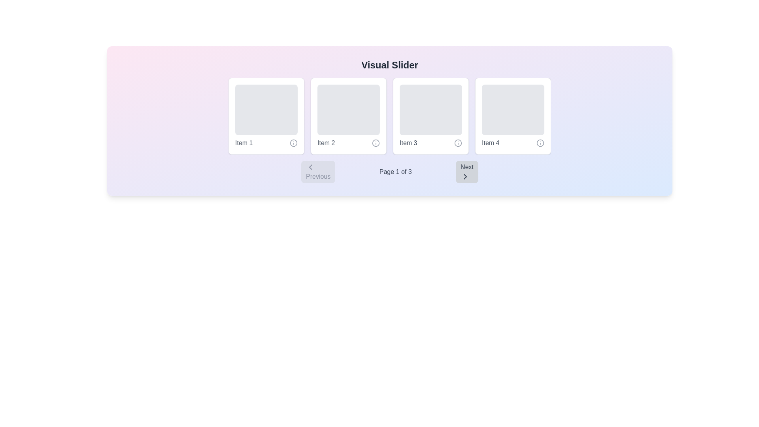  What do you see at coordinates (293, 143) in the screenshot?
I see `the circular gray icon with an 'i' symbol located in the bottom-right corner of 'Item 1'` at bounding box center [293, 143].